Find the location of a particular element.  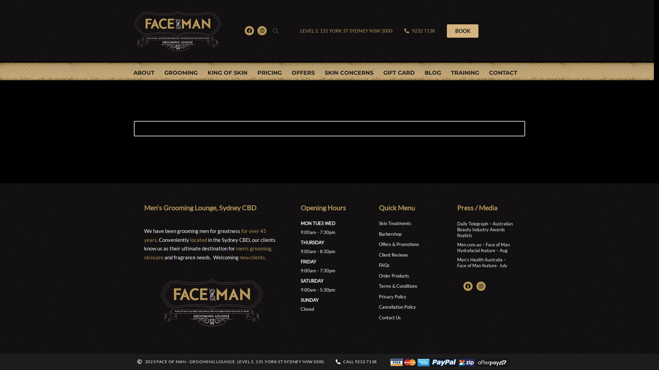

'Skip to content' is located at coordinates (5, 14).